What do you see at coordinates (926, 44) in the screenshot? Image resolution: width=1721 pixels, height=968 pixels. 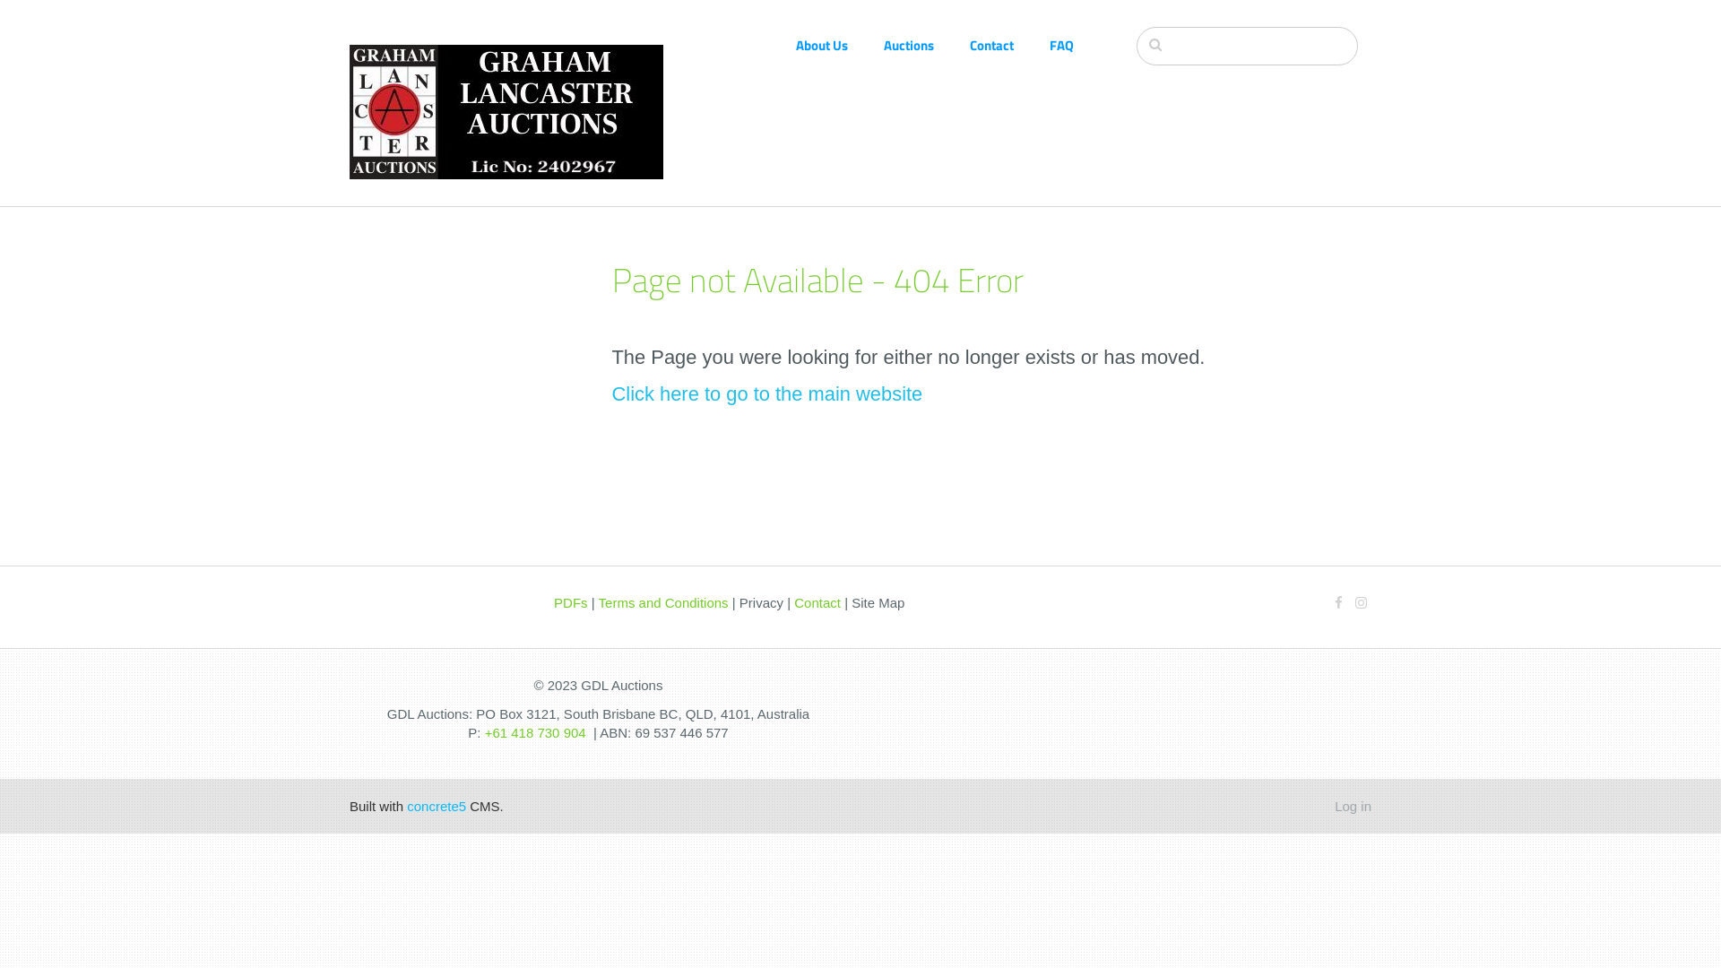 I see `'Auctions'` at bounding box center [926, 44].